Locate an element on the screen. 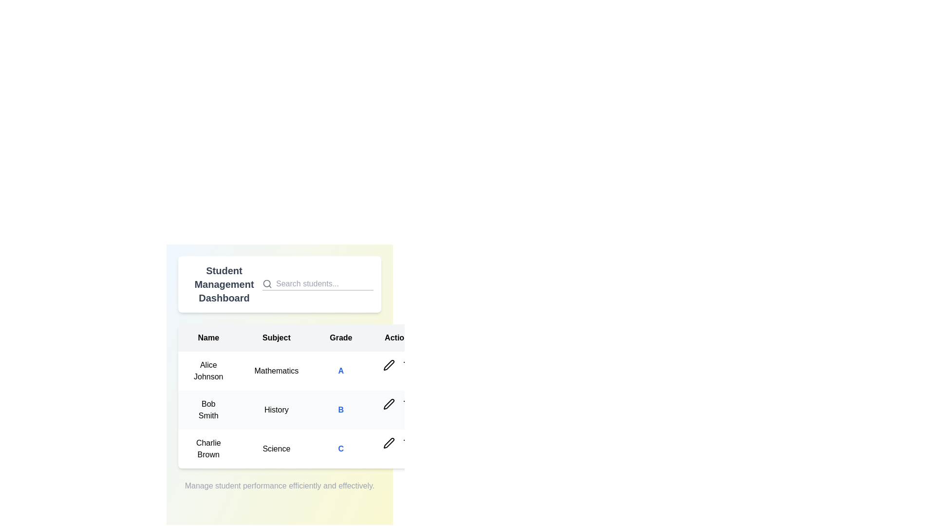 The width and height of the screenshot is (935, 526). the bolded text label 'Name' located at the top-left corner of the table header, which is adjacent to the headers 'Subject,' 'Grade,' and 'Actions.' is located at coordinates (208, 338).